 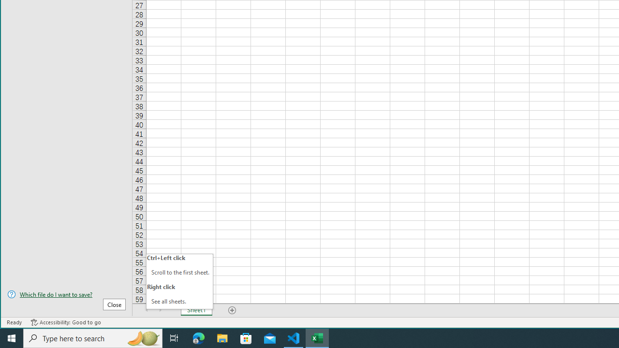 What do you see at coordinates (293, 337) in the screenshot?
I see `'Visual Studio Code - 1 running window'` at bounding box center [293, 337].